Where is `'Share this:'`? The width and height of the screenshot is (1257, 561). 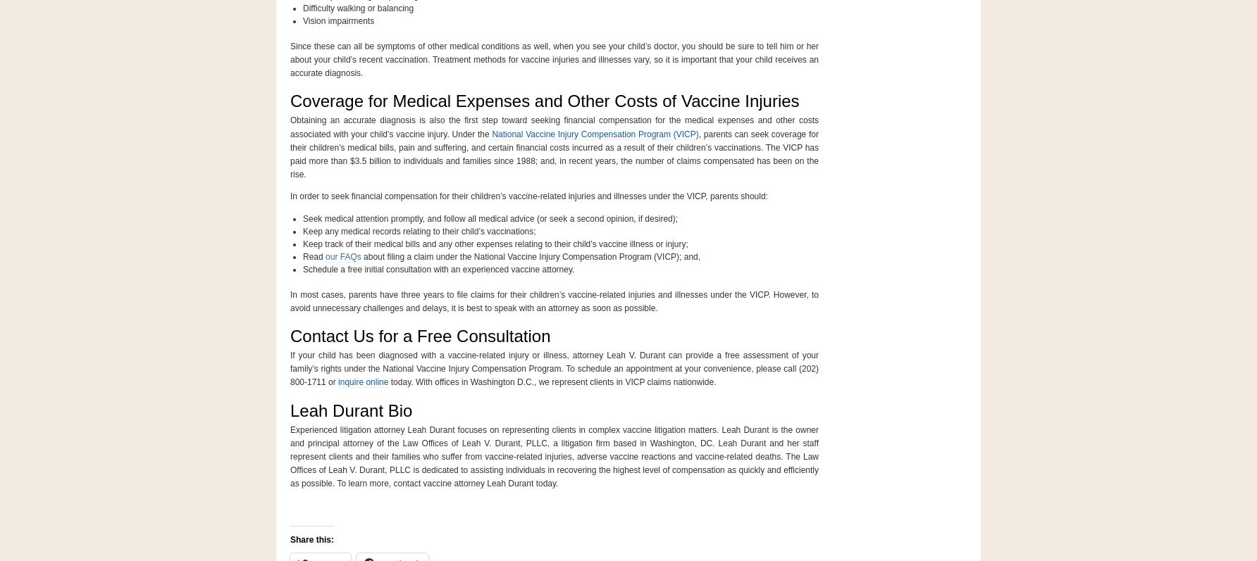
'Share this:' is located at coordinates (311, 538).